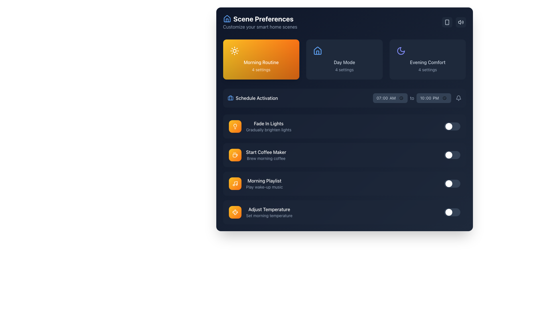 This screenshot has height=309, width=550. I want to click on the static text label indicating the time range from the left-hand time selector to the right-hand time selector in the 'Schedule Activation' section, so click(412, 98).